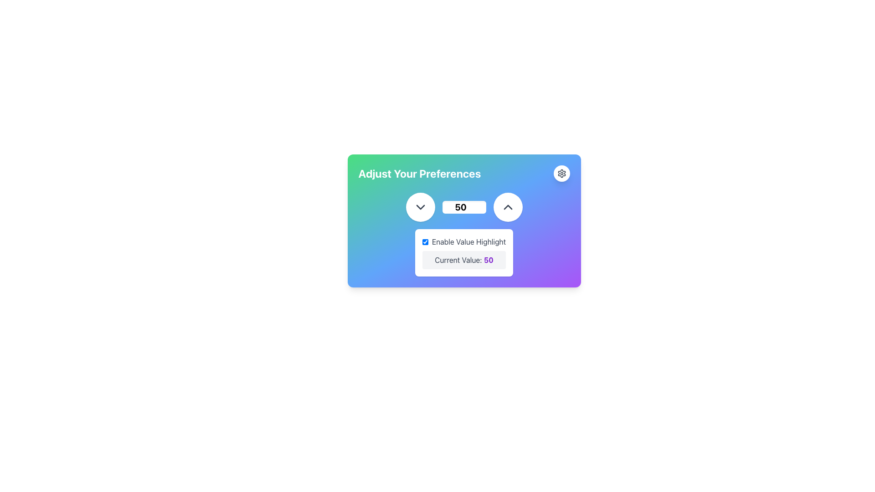 The width and height of the screenshot is (875, 492). Describe the element at coordinates (464, 234) in the screenshot. I see `the interactive checkbox labeled 'Enable Value Highlight' located in the lower half of the 'Adjust Your Preferences' section` at that location.